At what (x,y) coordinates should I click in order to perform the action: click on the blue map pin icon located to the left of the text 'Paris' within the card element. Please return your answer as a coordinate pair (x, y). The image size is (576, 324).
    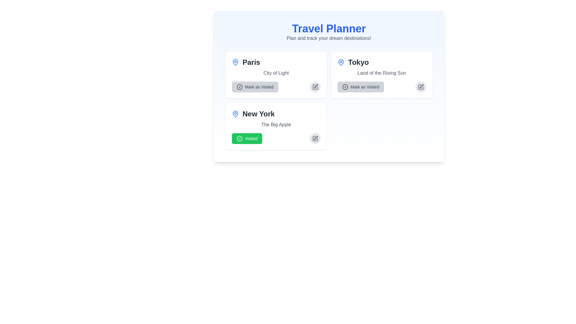
    Looking at the image, I should click on (235, 62).